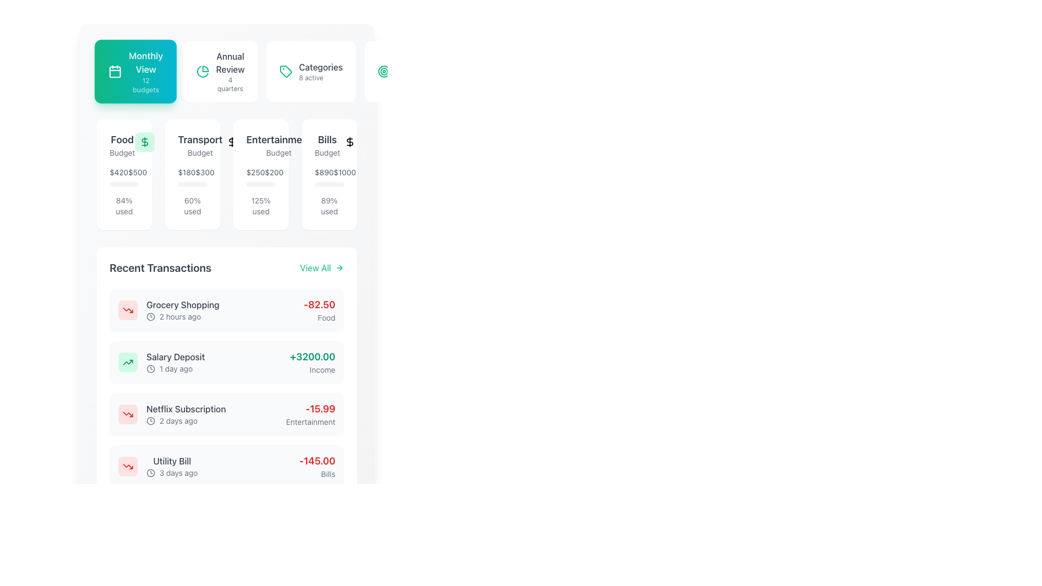 The height and width of the screenshot is (586, 1042). Describe the element at coordinates (175, 368) in the screenshot. I see `the static text displaying the timestamp of the transaction event located below 'Salary Deposit' and adjacent to the clock icon in the 'Recent Transactions' section` at that location.